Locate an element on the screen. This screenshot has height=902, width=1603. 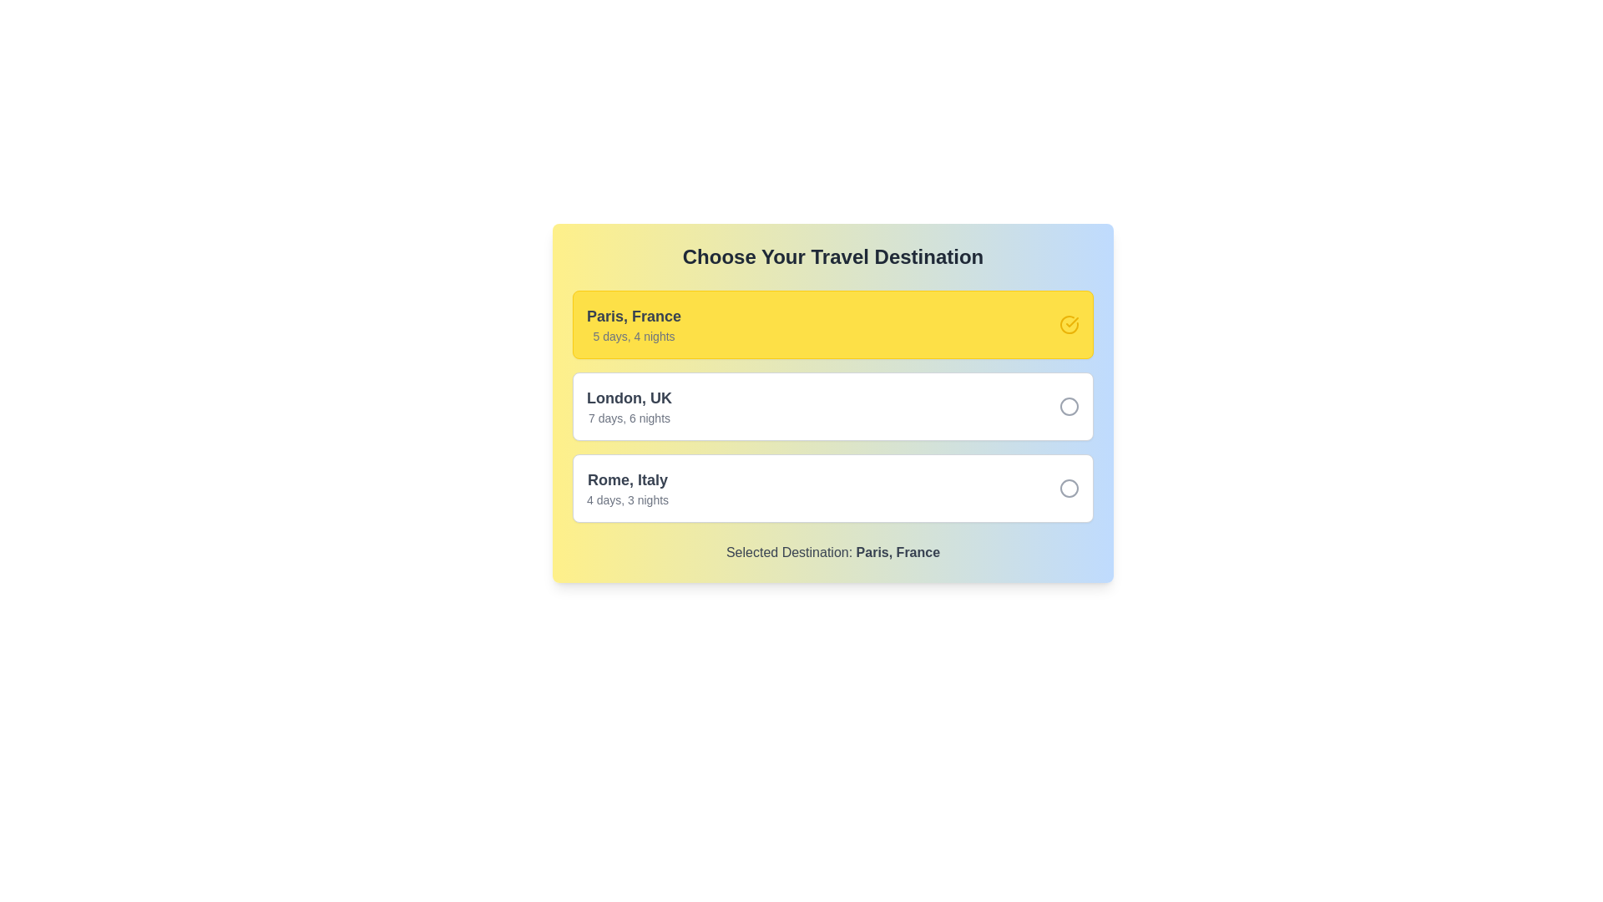
the text display component that provides information about the travel package to Paris, France is located at coordinates (633, 325).